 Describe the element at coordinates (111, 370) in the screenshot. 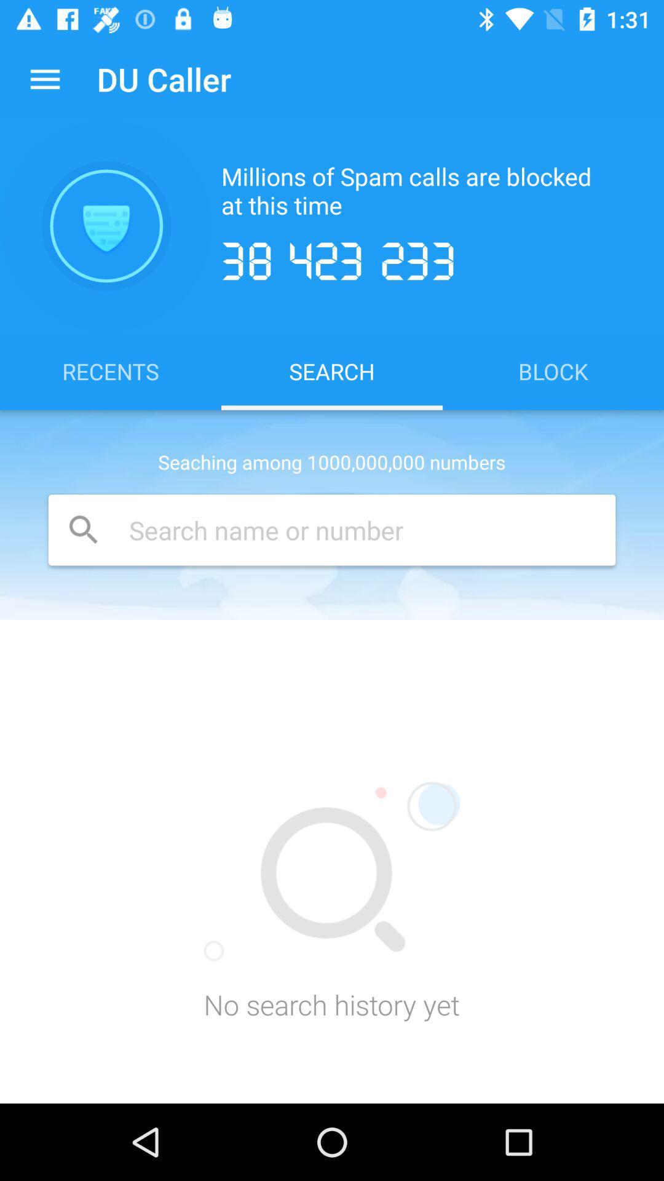

I see `the recents icon` at that location.